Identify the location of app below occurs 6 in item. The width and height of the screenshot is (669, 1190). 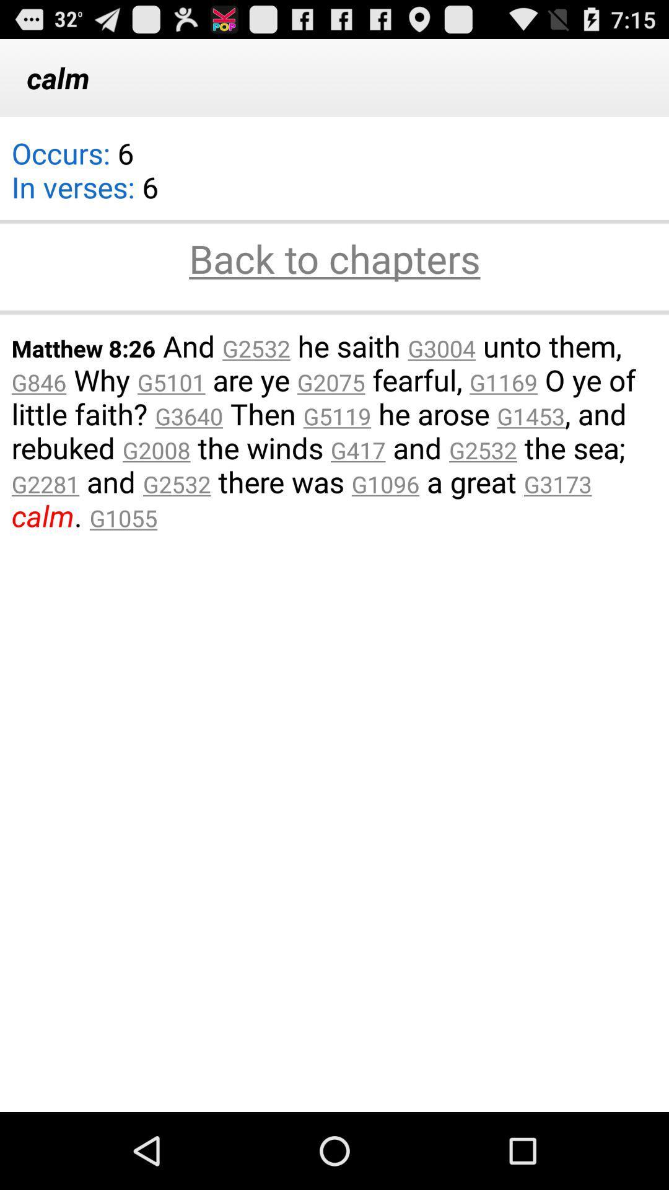
(334, 260).